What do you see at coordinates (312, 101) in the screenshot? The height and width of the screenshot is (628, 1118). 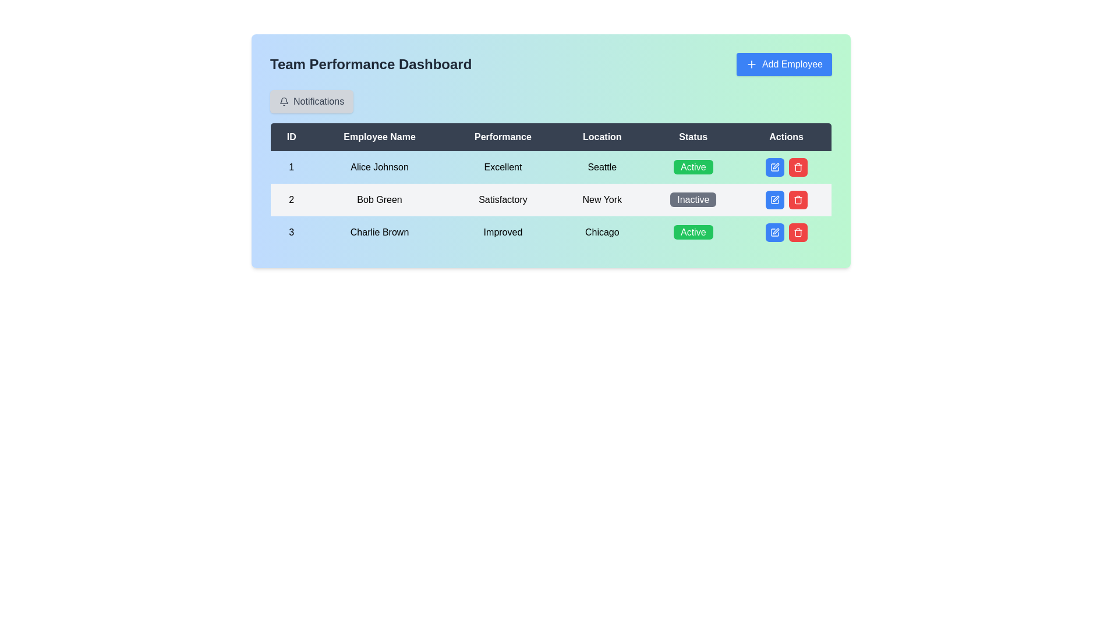 I see `the button located near the top-left section of the interface` at bounding box center [312, 101].